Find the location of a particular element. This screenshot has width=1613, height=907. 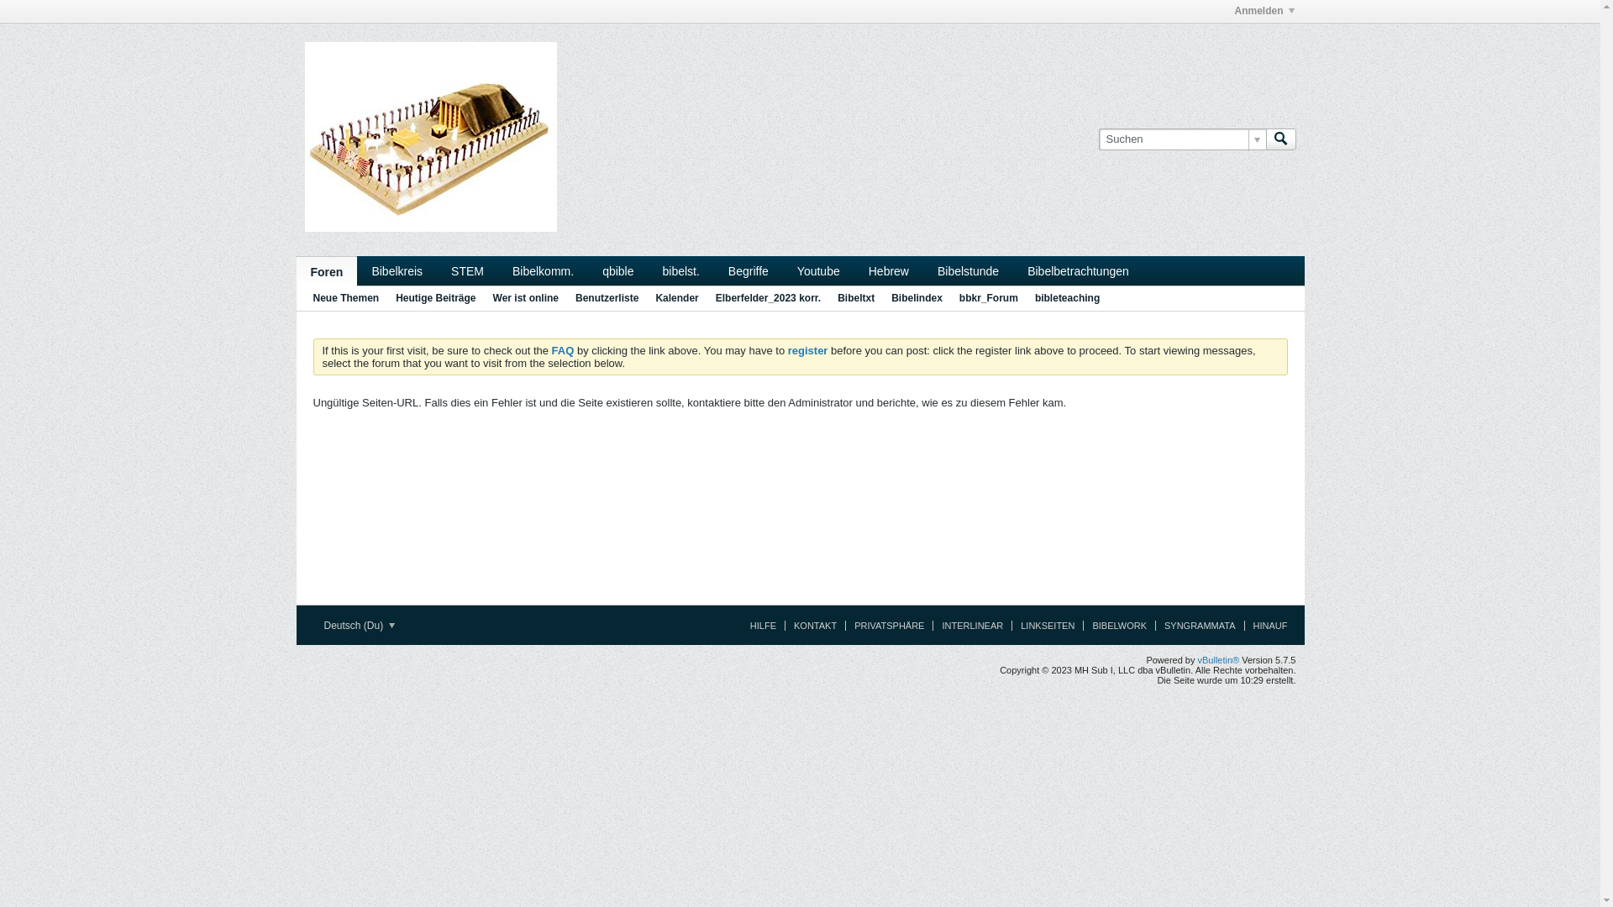

'Bibelindex' is located at coordinates (916, 297).